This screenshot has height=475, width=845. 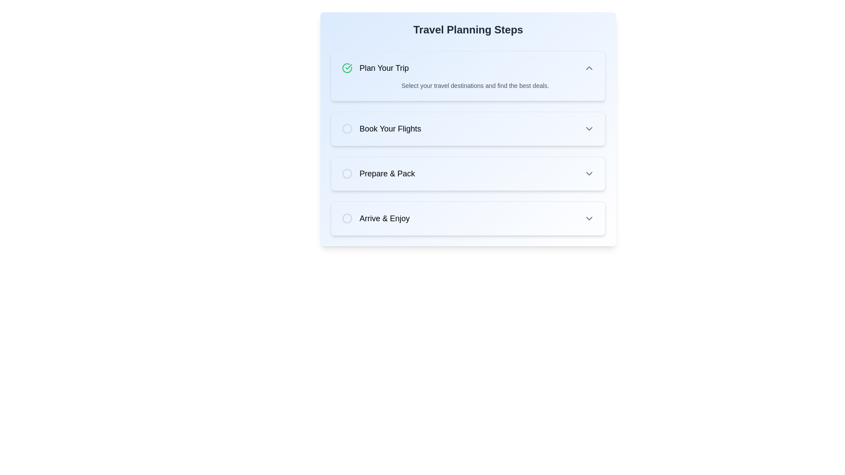 What do you see at coordinates (387, 173) in the screenshot?
I see `the text label representing the step title 'Prepare & Pack' in the travel planning process, which is the second item in the list of 'Travel Planning Steps'` at bounding box center [387, 173].